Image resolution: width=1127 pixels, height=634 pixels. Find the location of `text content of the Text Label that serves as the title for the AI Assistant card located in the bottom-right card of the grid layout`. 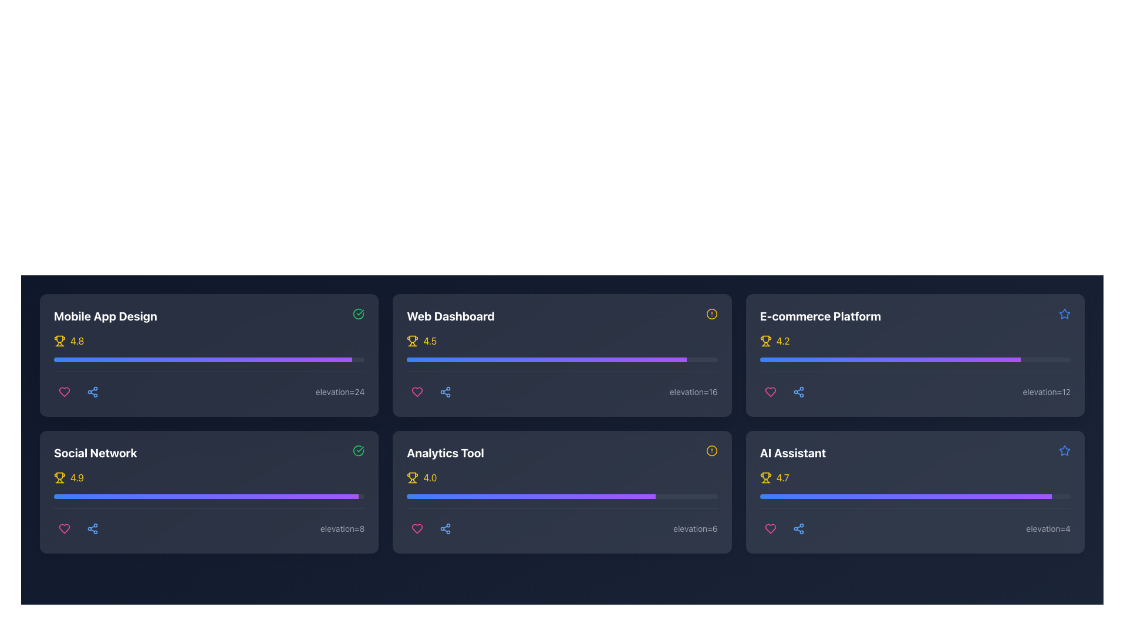

text content of the Text Label that serves as the title for the AI Assistant card located in the bottom-right card of the grid layout is located at coordinates (793, 452).